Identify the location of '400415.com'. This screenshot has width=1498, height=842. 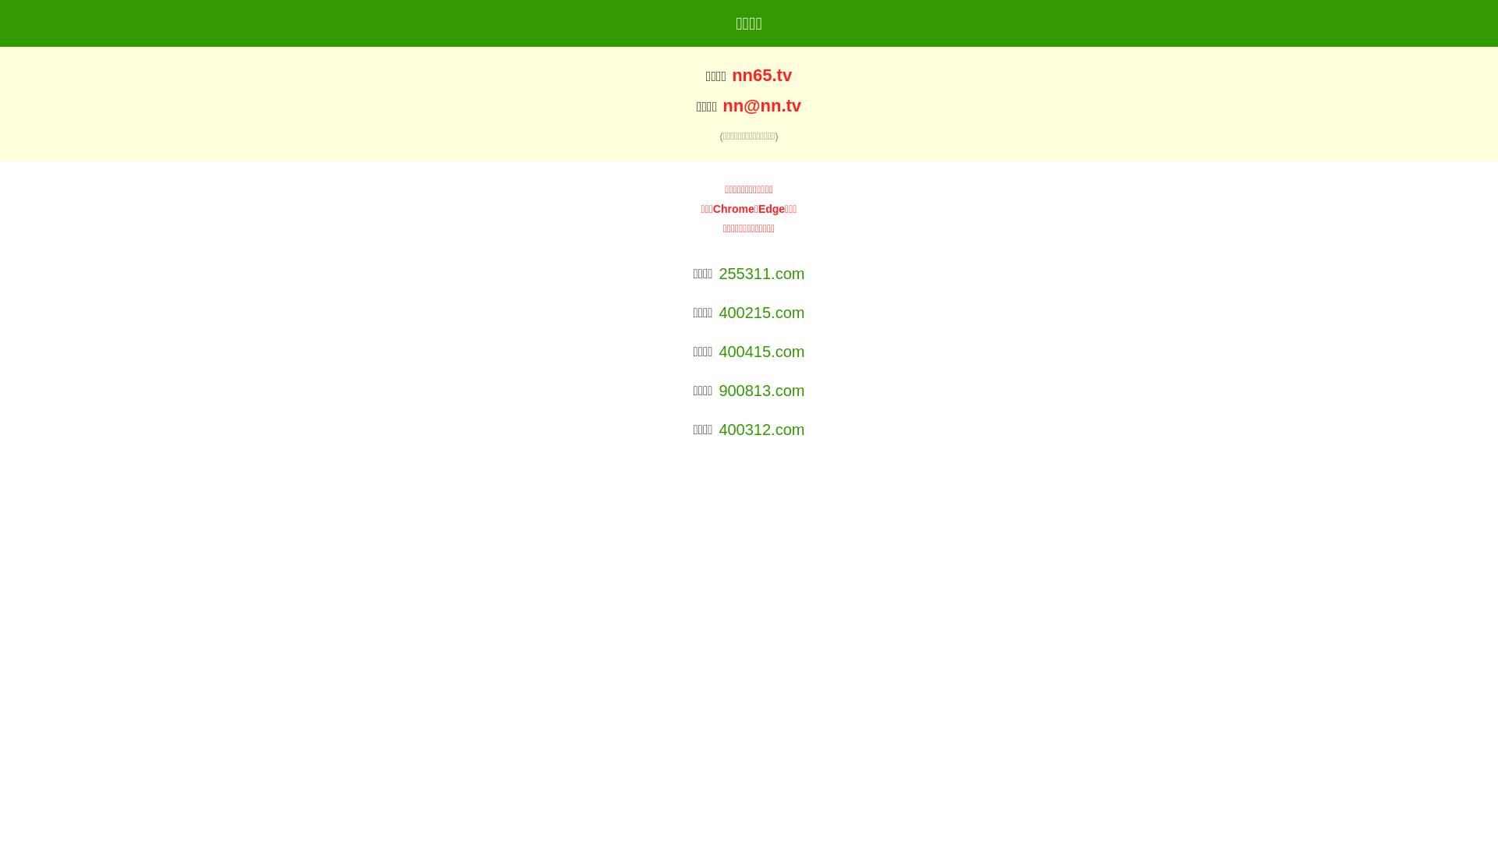
(761, 352).